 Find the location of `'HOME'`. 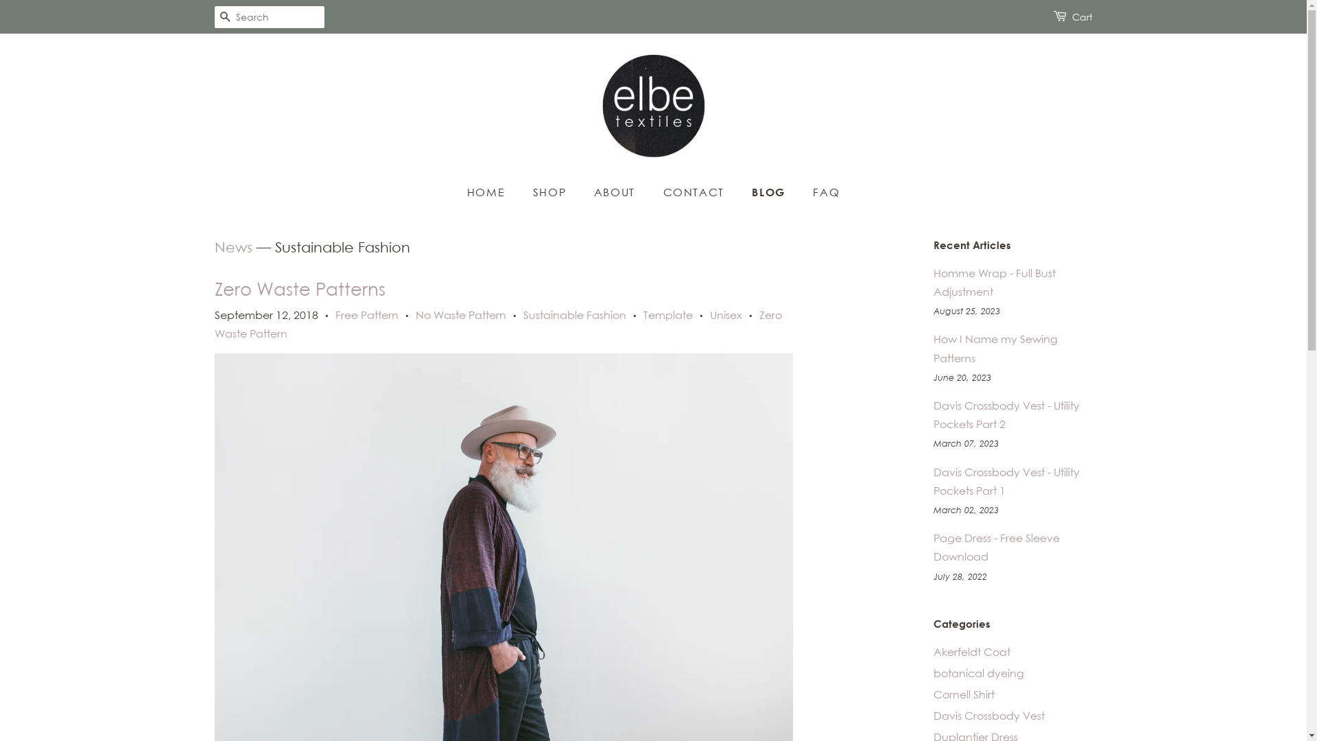

'HOME' is located at coordinates (493, 192).